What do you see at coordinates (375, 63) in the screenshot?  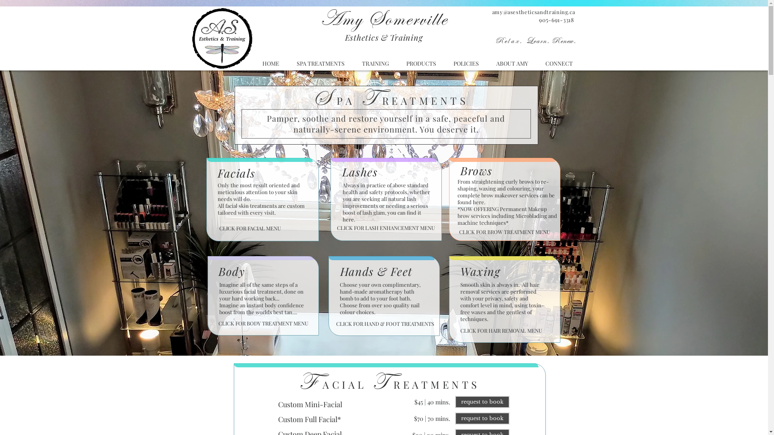 I see `'TRAINING'` at bounding box center [375, 63].